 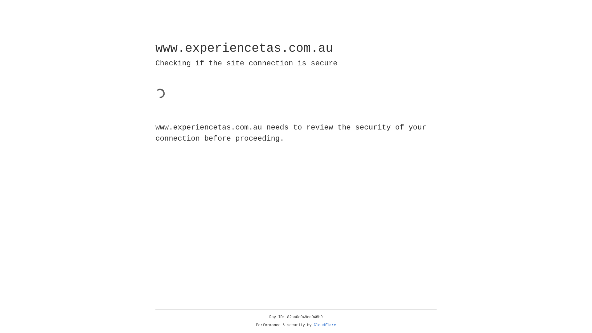 I want to click on 'Cloudflare', so click(x=325, y=325).